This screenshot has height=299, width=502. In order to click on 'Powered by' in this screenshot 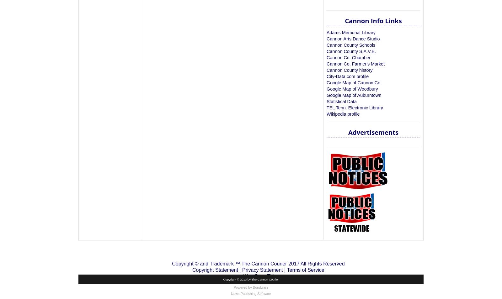, I will do `click(233, 287)`.